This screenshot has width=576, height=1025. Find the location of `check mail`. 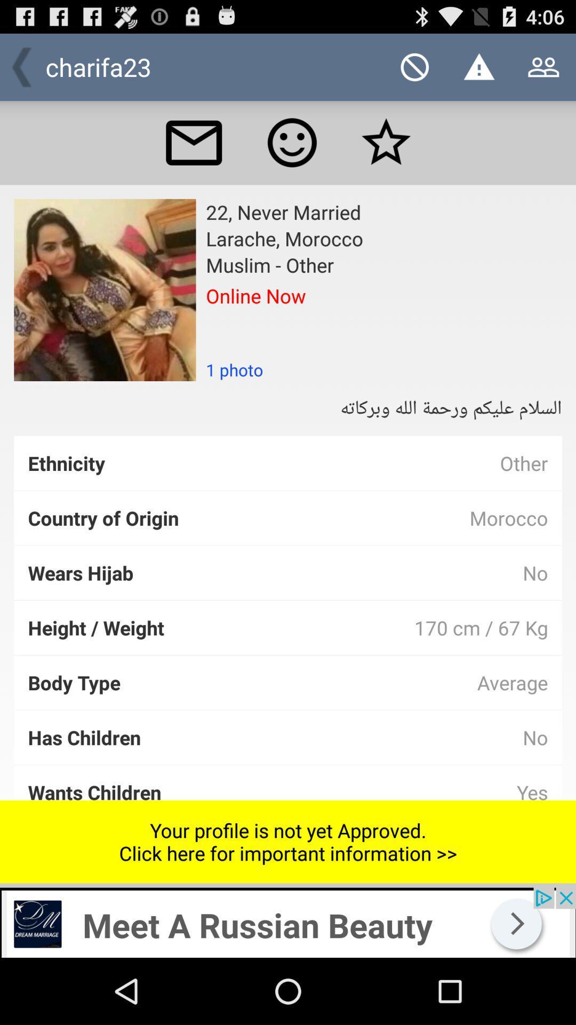

check mail is located at coordinates (194, 142).